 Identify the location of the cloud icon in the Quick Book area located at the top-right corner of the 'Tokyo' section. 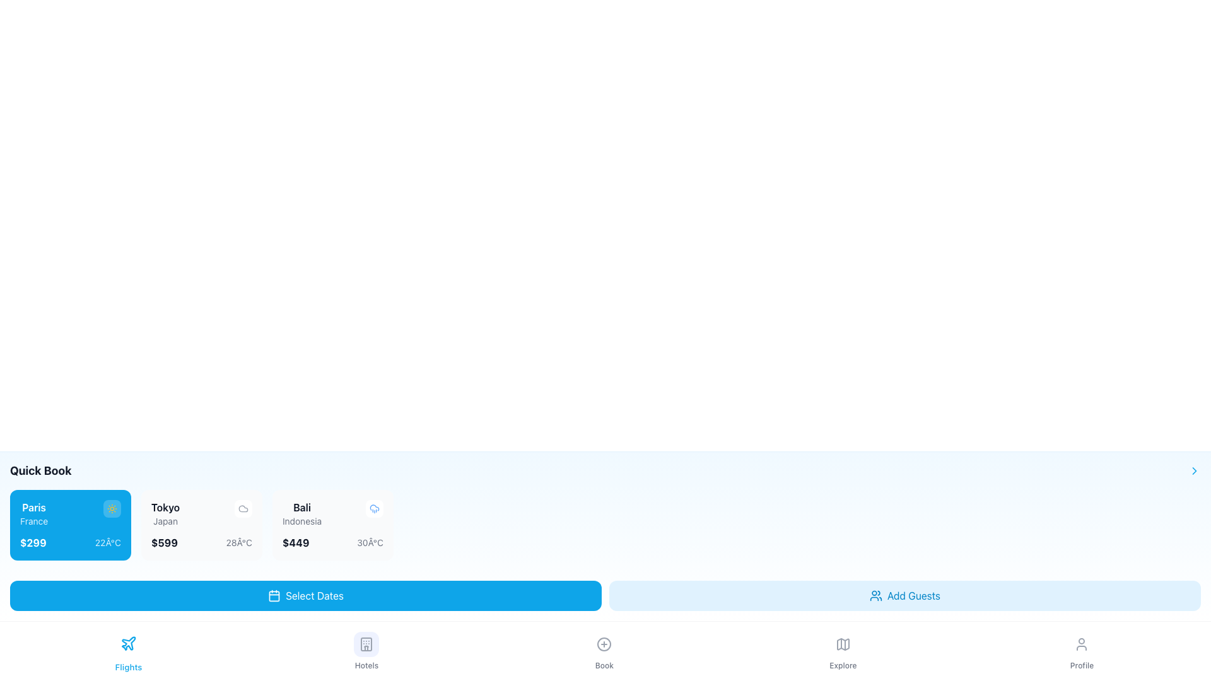
(243, 508).